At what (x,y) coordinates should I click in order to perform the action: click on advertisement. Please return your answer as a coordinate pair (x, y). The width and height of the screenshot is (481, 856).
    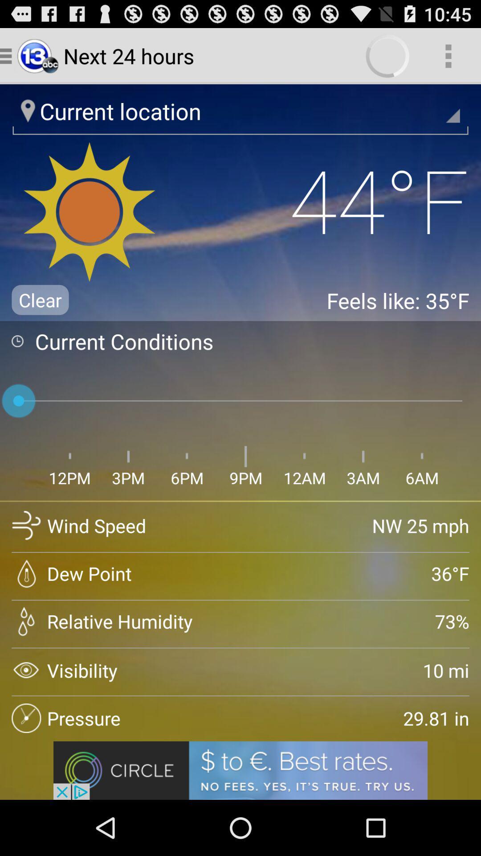
    Looking at the image, I should click on (240, 770).